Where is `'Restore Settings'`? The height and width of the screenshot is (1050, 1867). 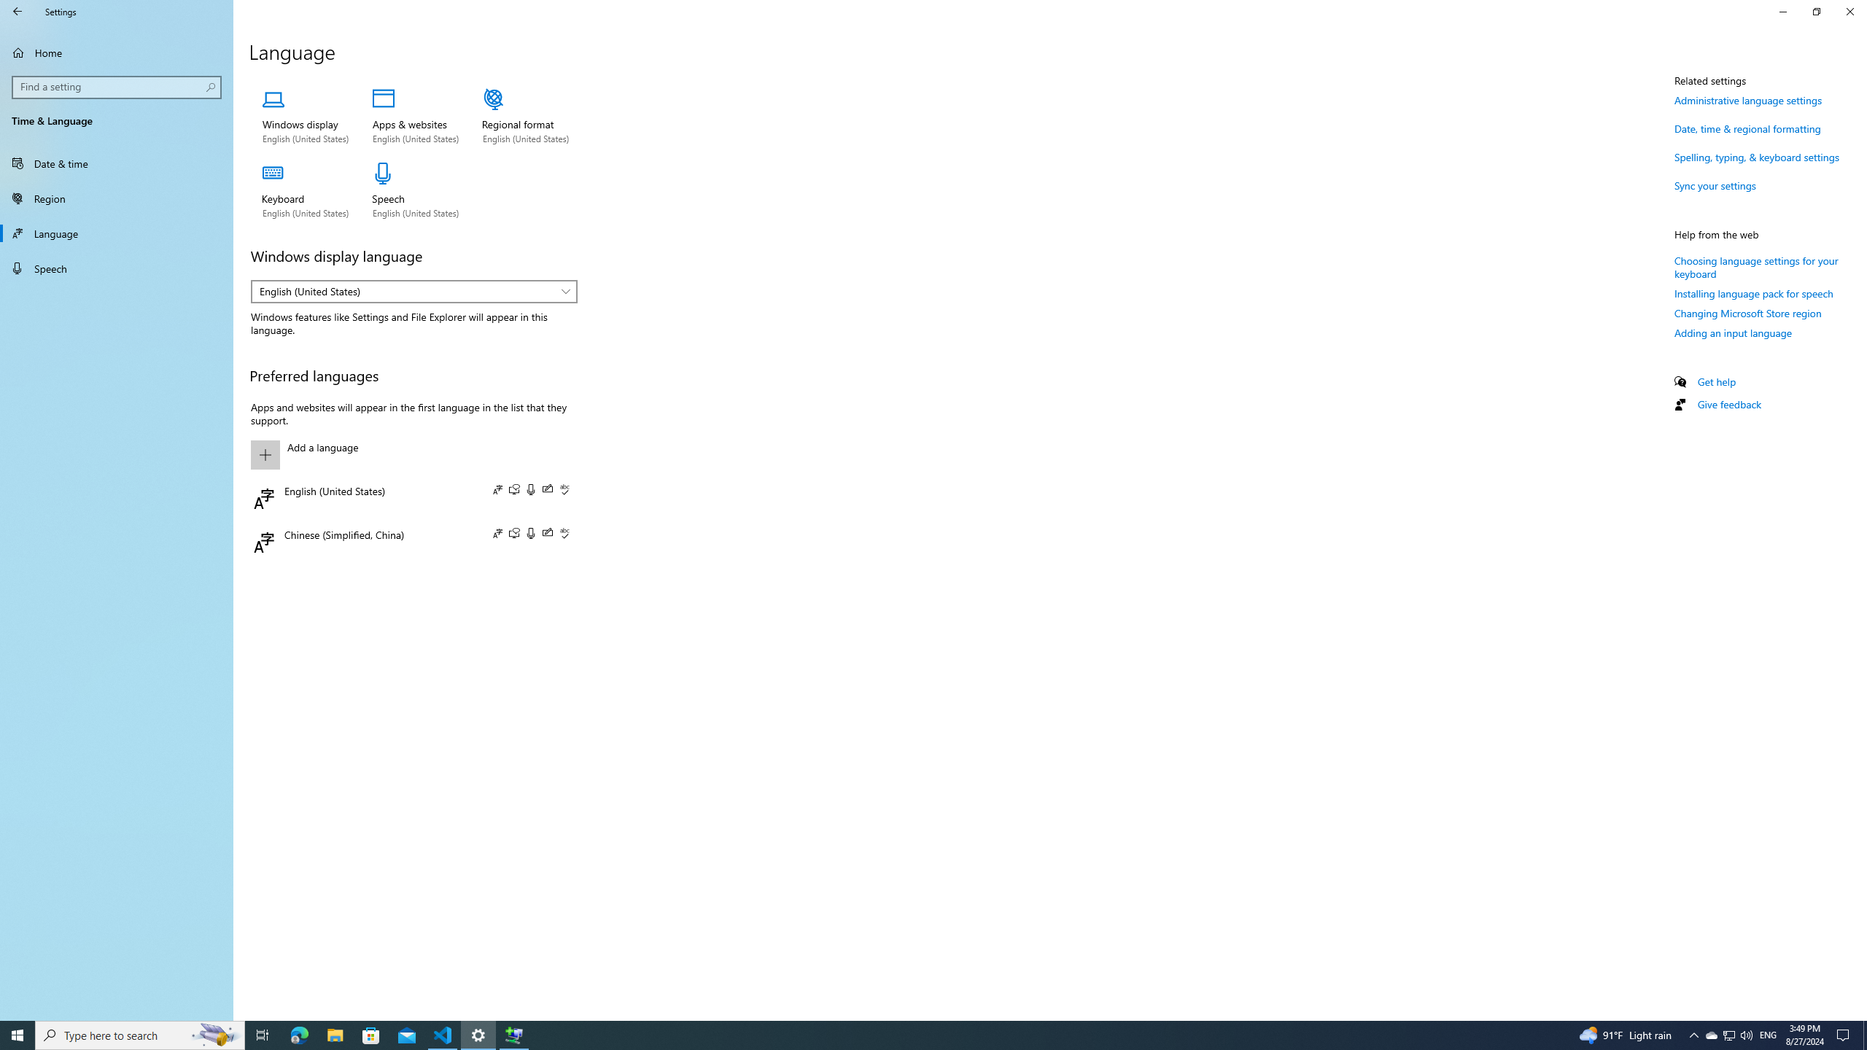 'Restore Settings' is located at coordinates (1816, 11).